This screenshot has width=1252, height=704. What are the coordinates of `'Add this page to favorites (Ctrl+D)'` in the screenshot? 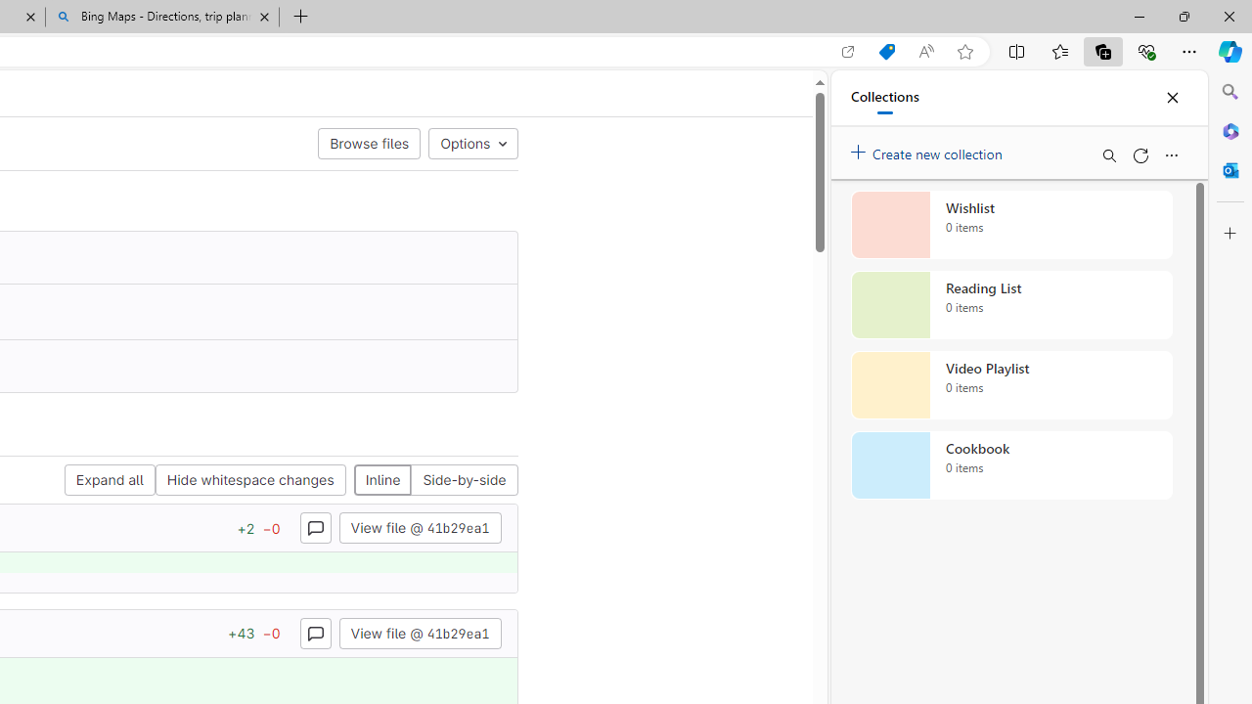 It's located at (964, 51).